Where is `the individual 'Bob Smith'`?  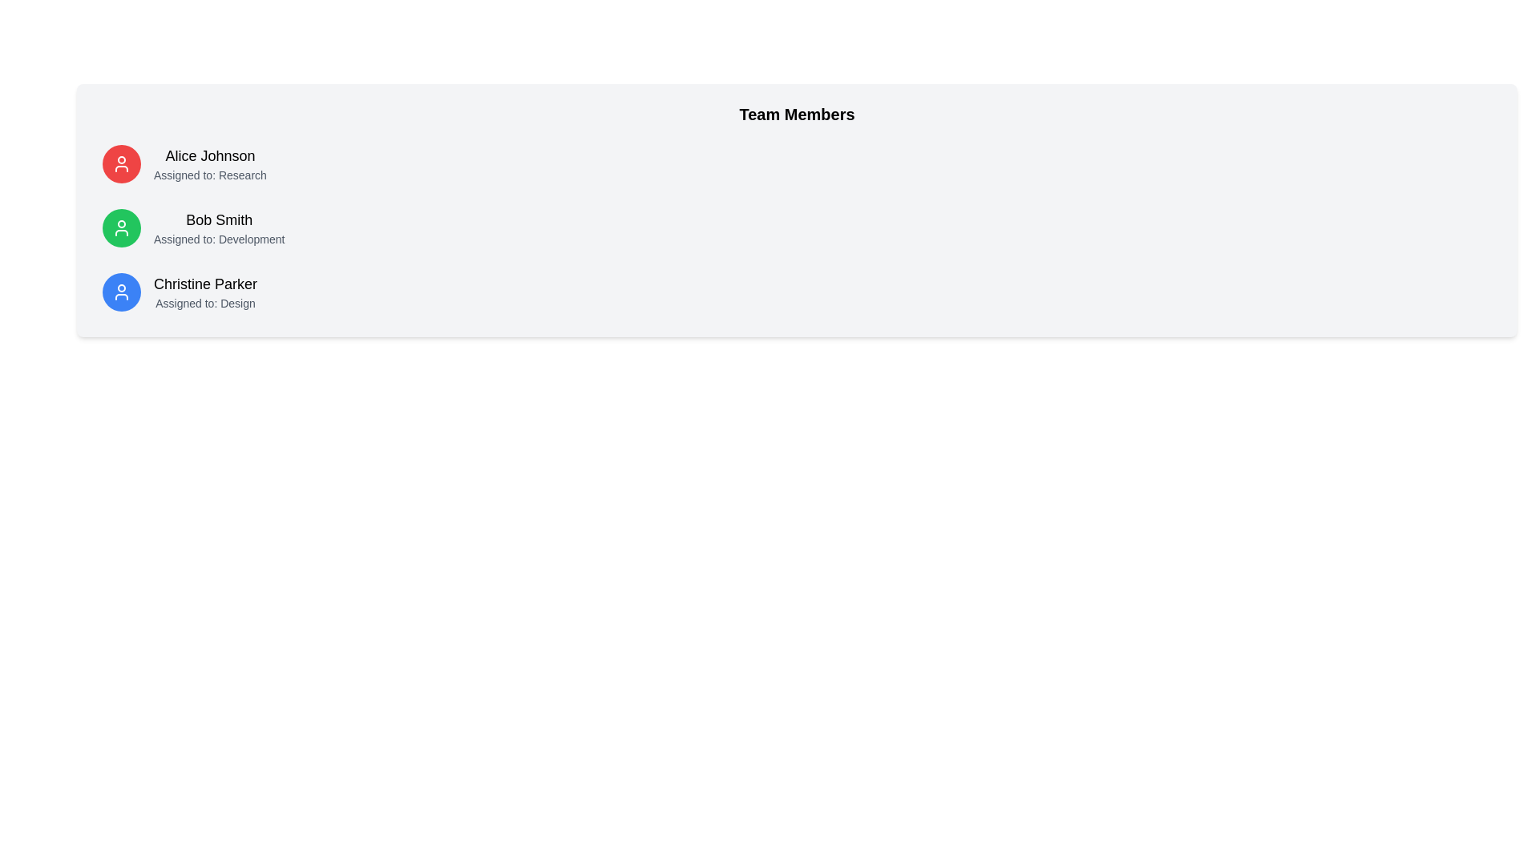 the individual 'Bob Smith' is located at coordinates (218, 228).